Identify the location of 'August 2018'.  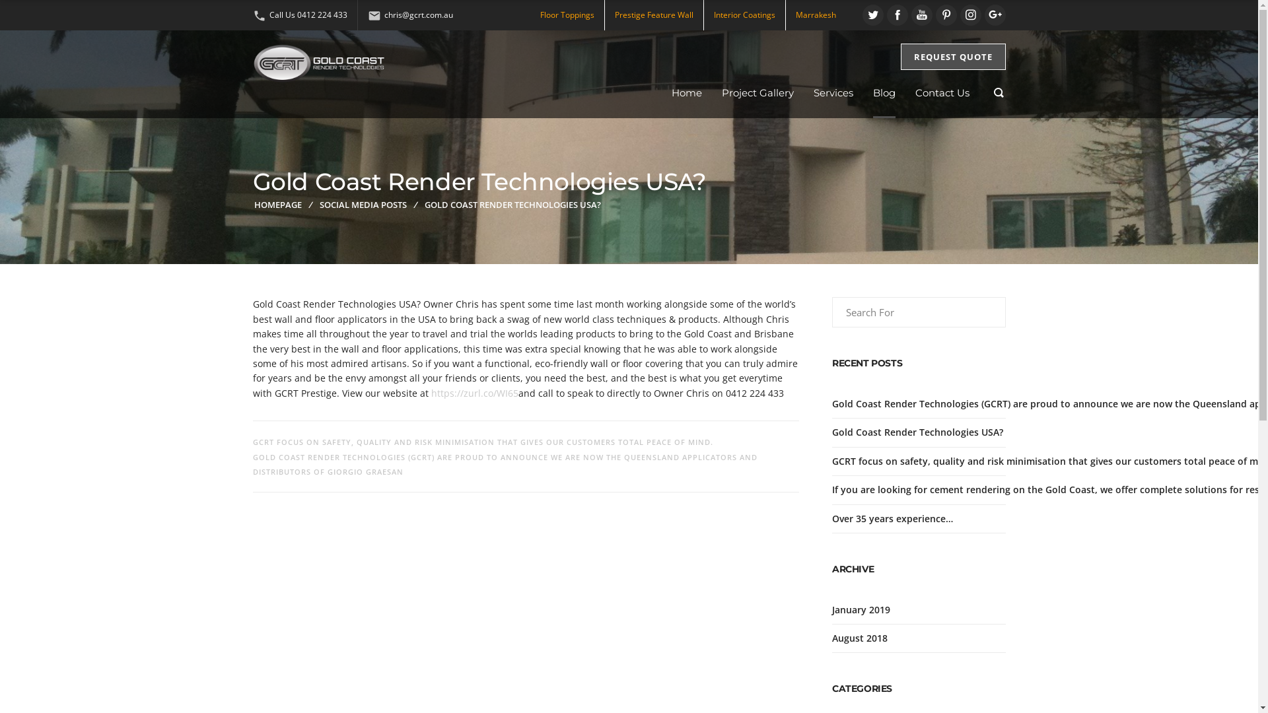
(859, 637).